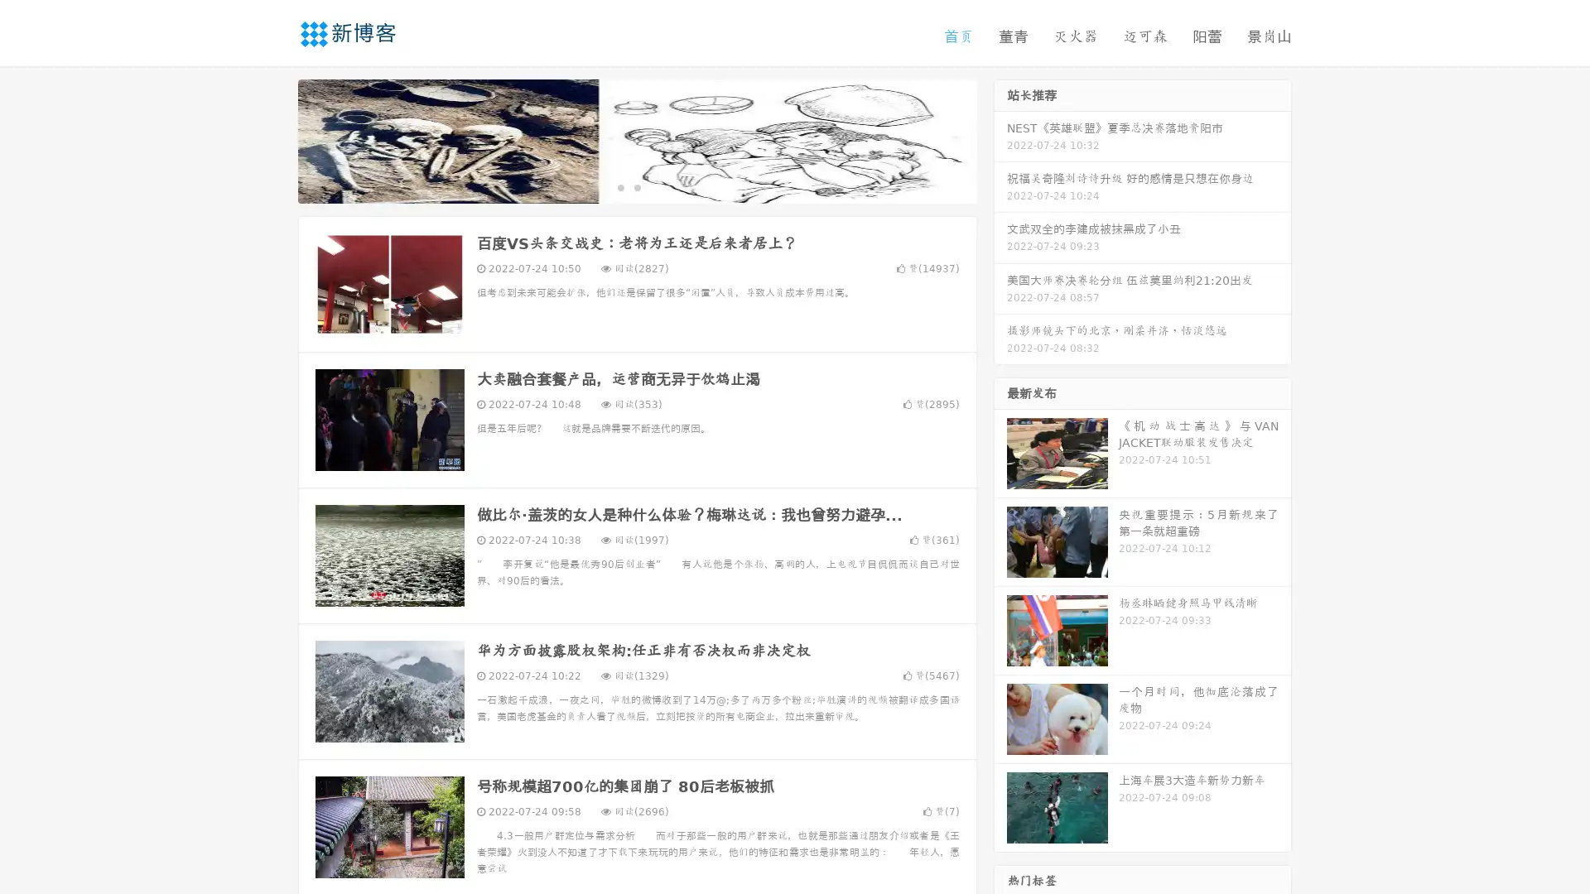  What do you see at coordinates (653, 186) in the screenshot?
I see `Go to slide 3` at bounding box center [653, 186].